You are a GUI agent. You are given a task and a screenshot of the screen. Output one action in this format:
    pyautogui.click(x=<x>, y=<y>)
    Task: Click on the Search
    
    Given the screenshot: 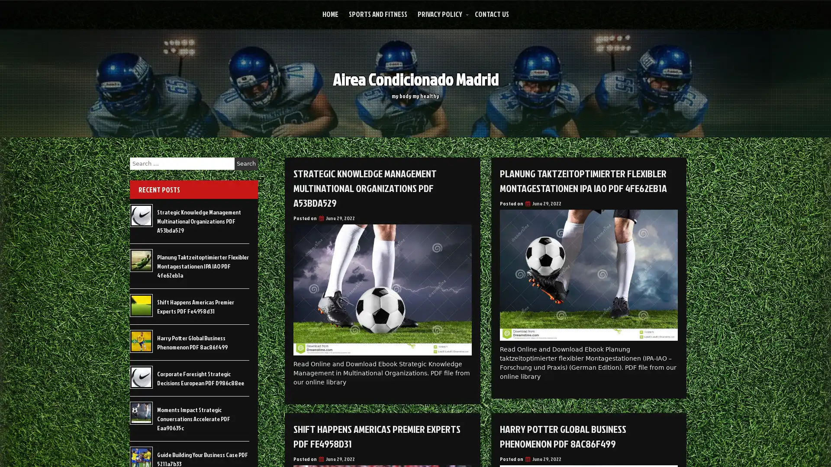 What is the action you would take?
    pyautogui.click(x=246, y=163)
    